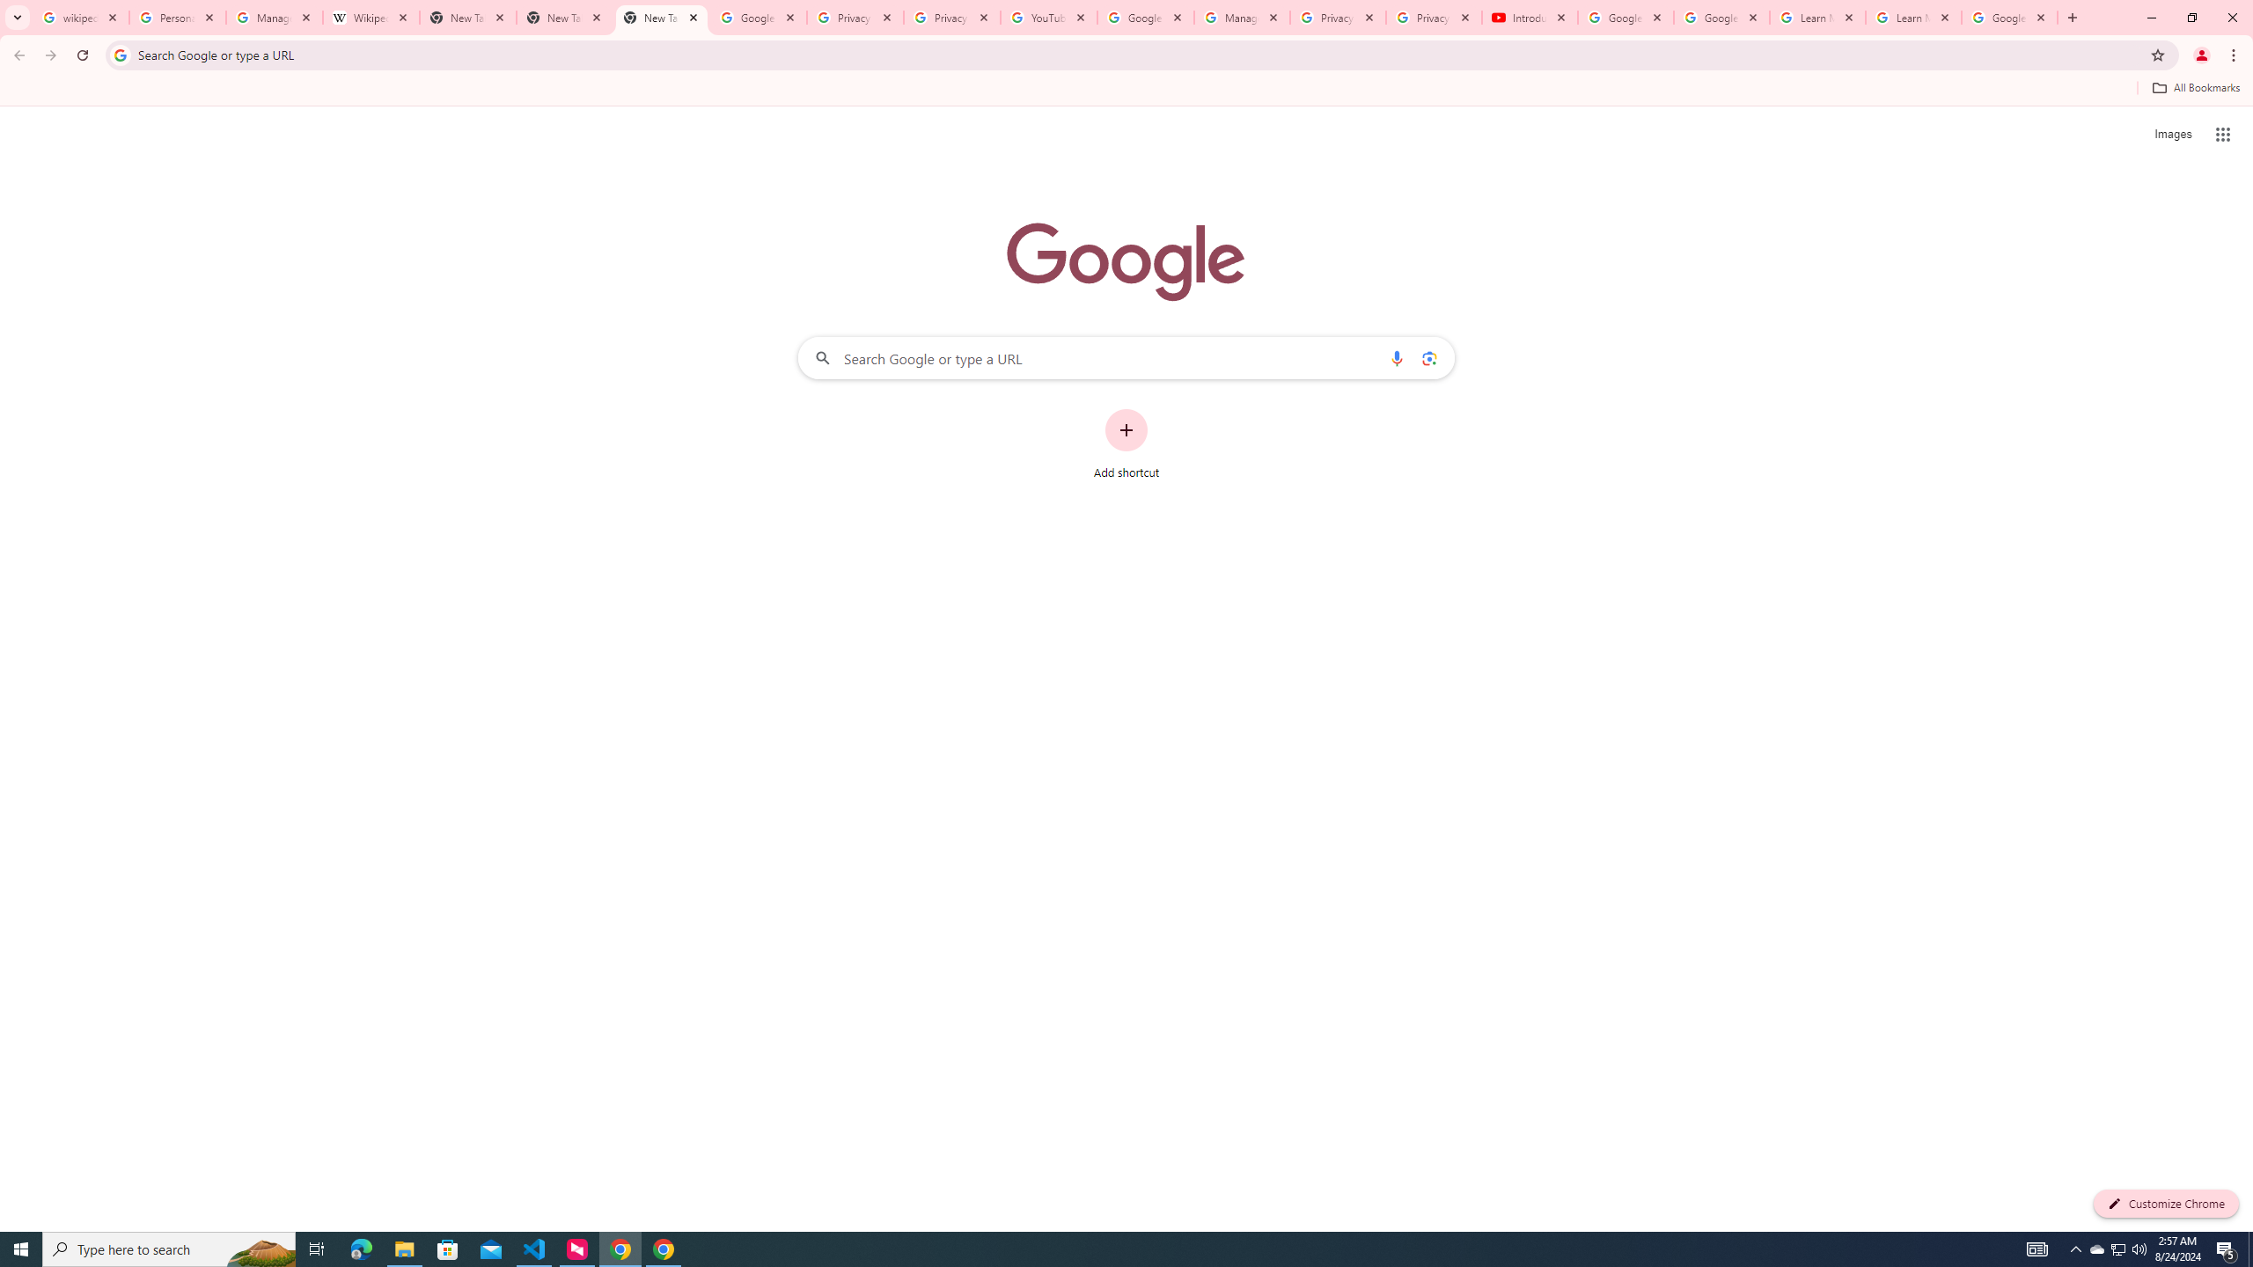 The height and width of the screenshot is (1267, 2253). Describe the element at coordinates (2173, 135) in the screenshot. I see `'Search for Images '` at that location.